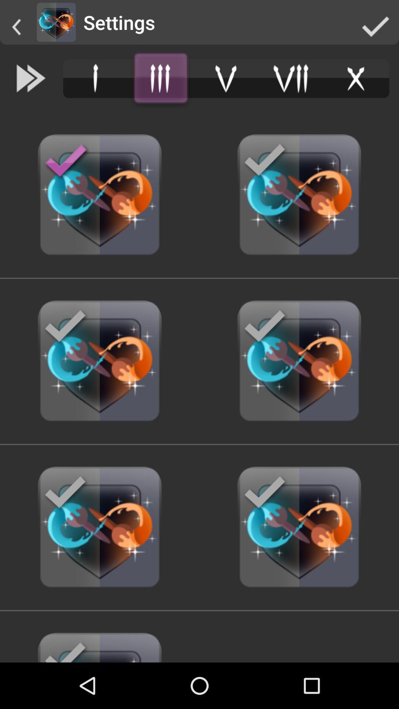 The height and width of the screenshot is (709, 399). I want to click on page 3, so click(160, 78).